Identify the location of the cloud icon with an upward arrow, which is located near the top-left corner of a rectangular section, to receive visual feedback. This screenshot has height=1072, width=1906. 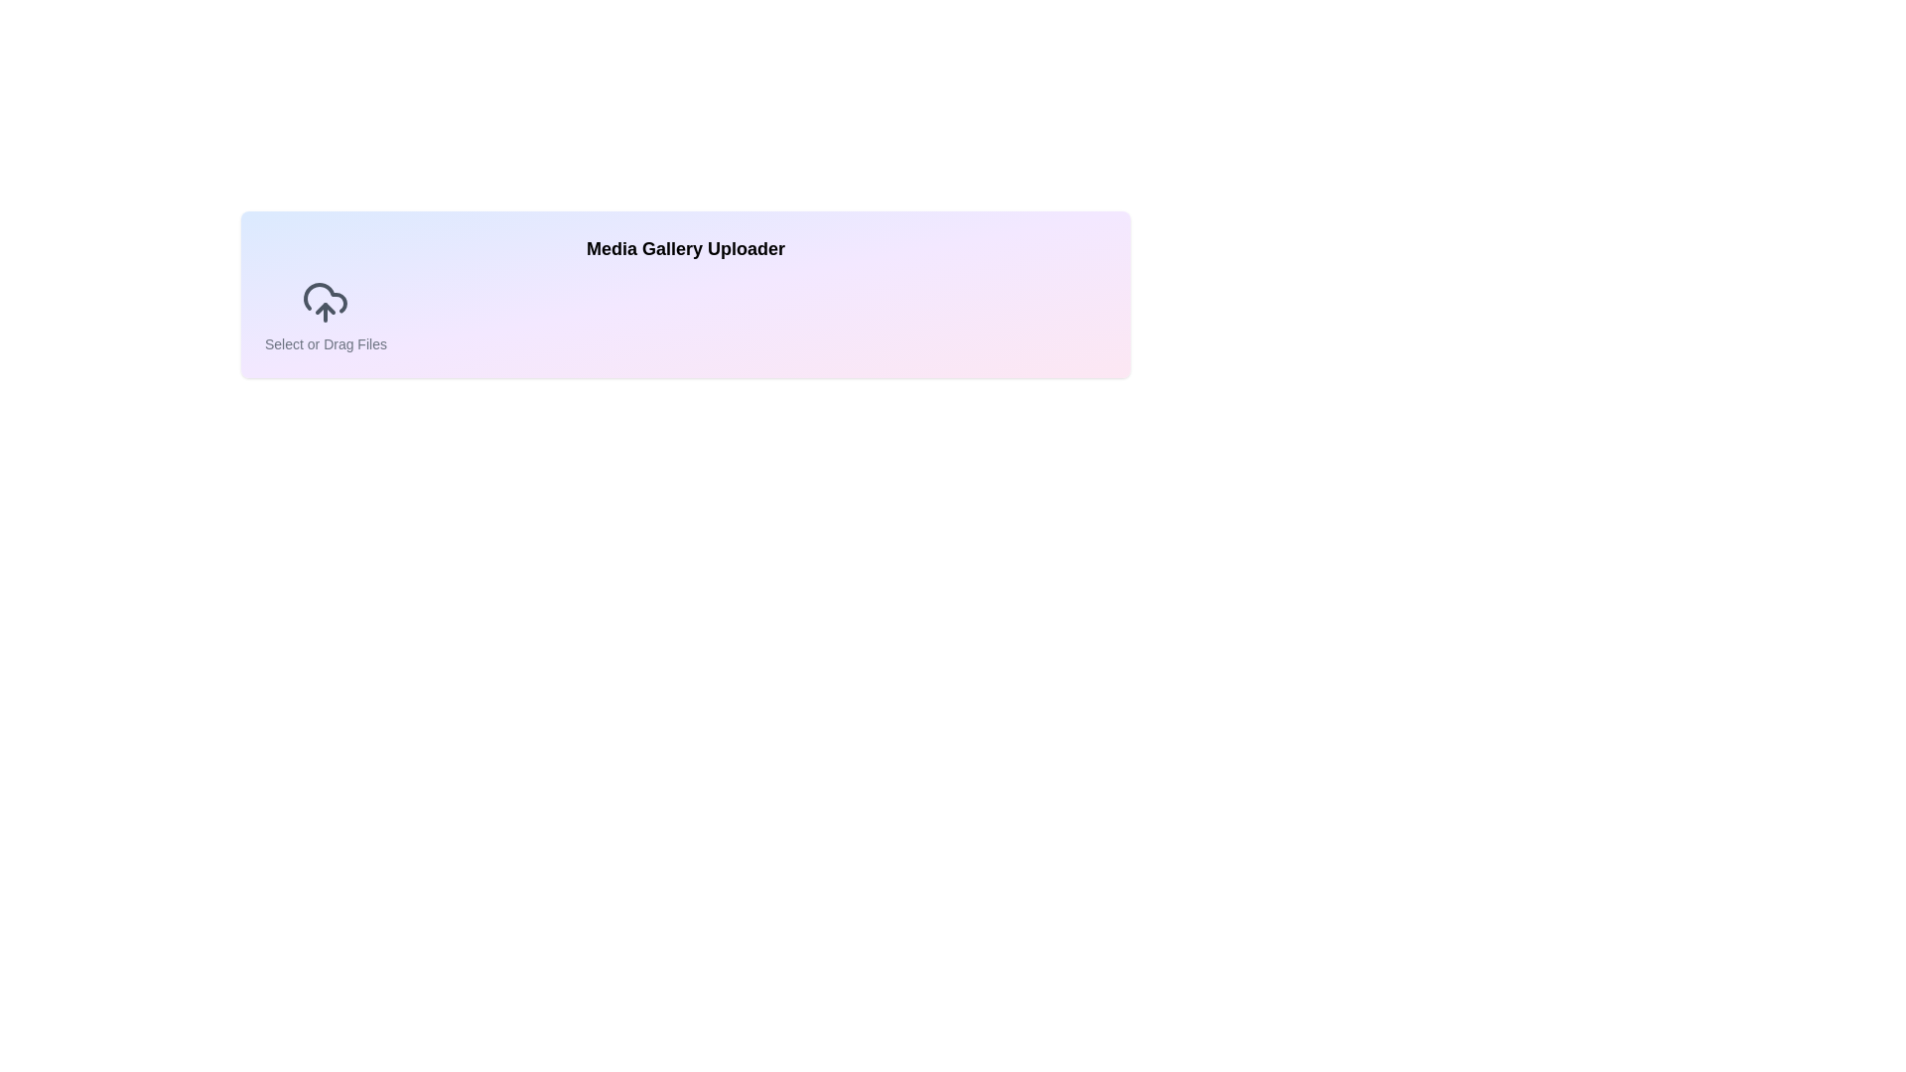
(326, 302).